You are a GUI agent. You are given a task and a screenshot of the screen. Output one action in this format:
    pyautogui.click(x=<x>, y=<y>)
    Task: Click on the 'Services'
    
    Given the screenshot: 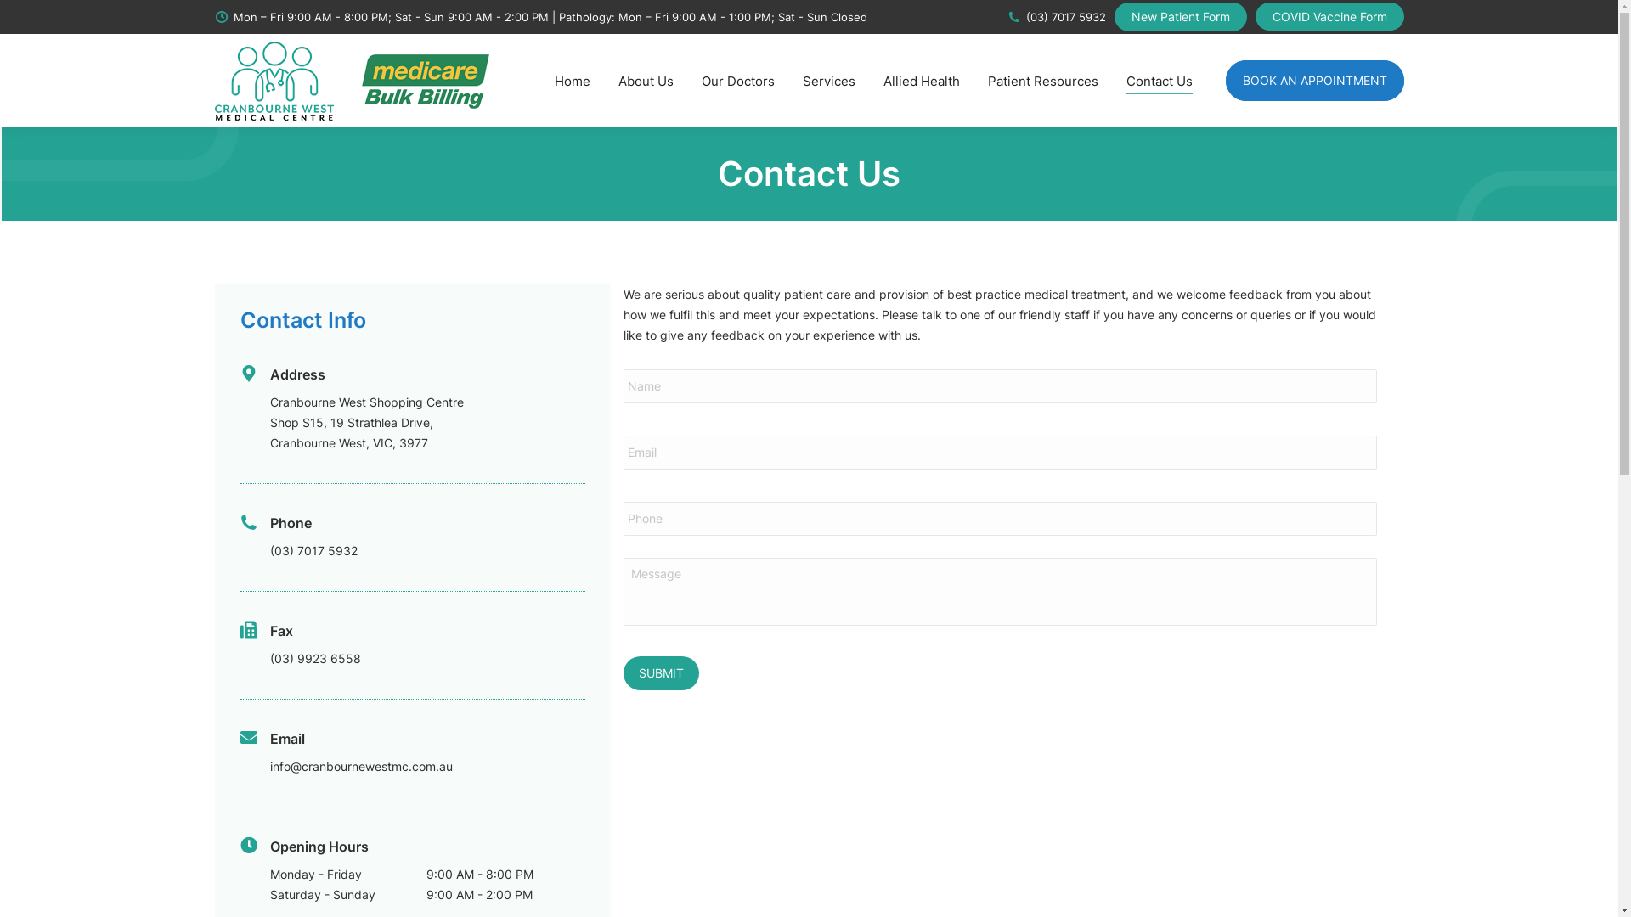 What is the action you would take?
    pyautogui.click(x=798, y=81)
    